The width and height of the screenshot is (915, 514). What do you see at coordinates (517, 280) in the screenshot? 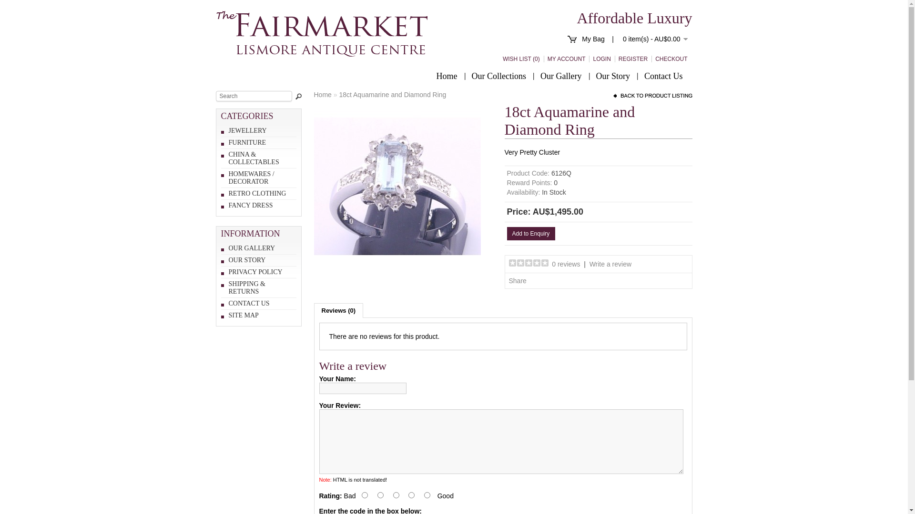
I see `'Share'` at bounding box center [517, 280].